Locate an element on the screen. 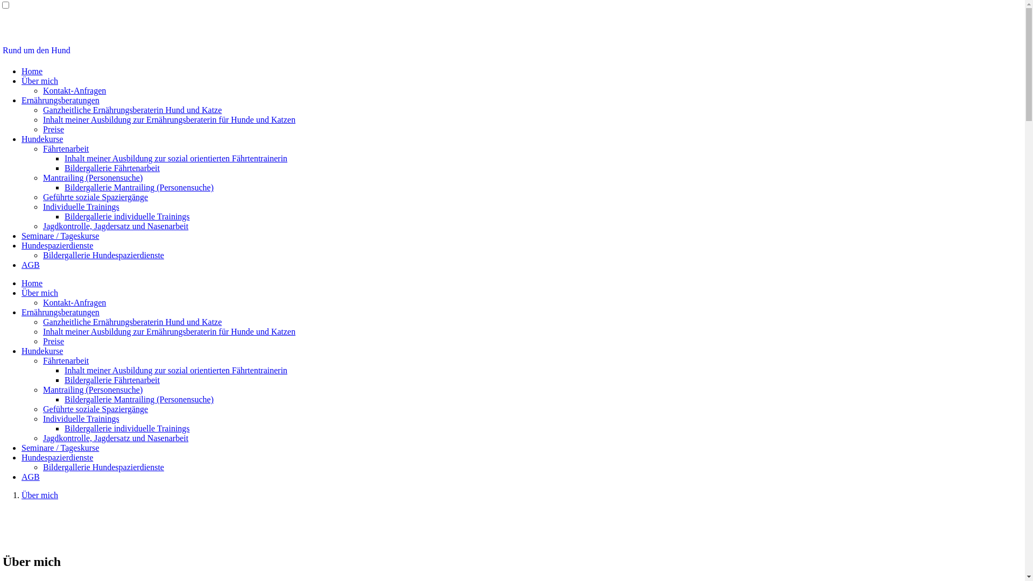 The width and height of the screenshot is (1033, 581). 'Jagdkontrolle, Jagdersatz und Nasenarbeit' is located at coordinates (116, 438).